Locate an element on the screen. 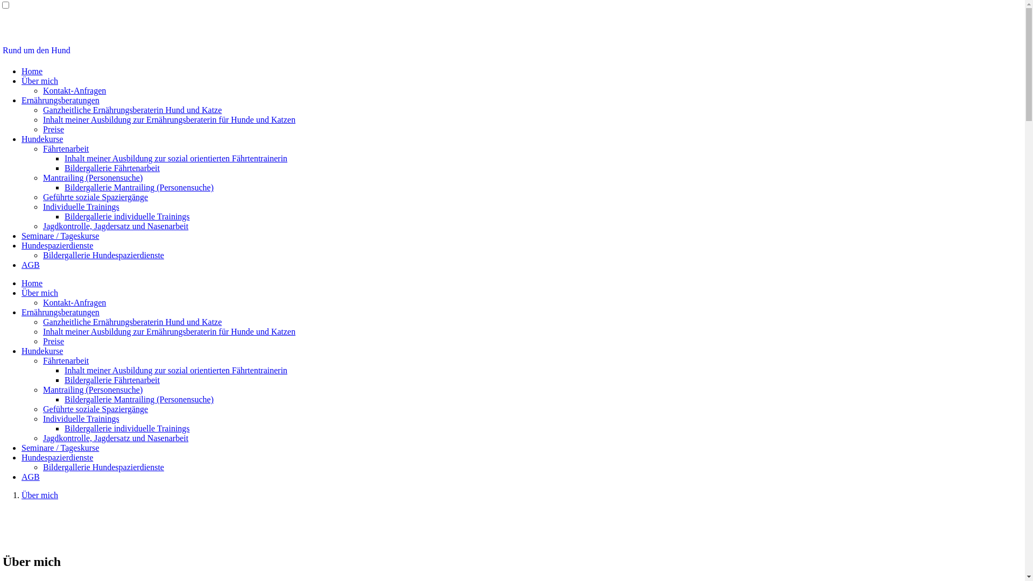 The width and height of the screenshot is (1033, 581). 'Jagdkontrolle, Jagdersatz und Nasenarbeit' is located at coordinates (116, 438).